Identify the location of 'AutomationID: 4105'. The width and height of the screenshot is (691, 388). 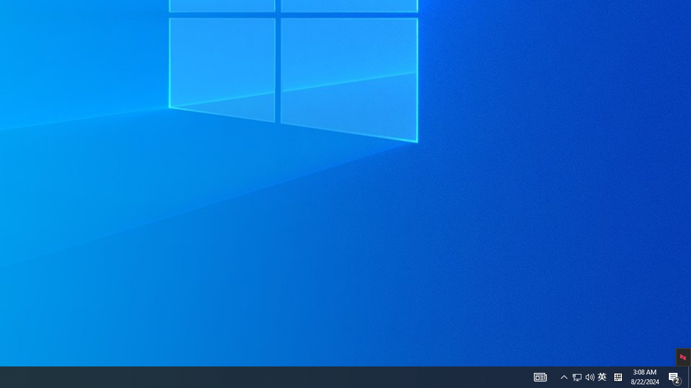
(540, 376).